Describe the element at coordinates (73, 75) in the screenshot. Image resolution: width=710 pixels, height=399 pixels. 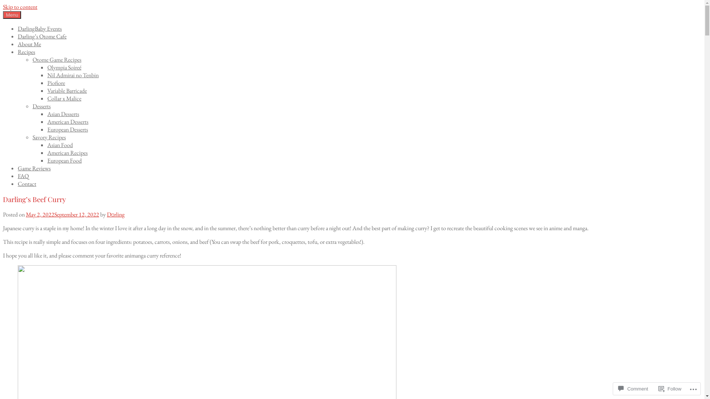
I see `'Nil Admirai no Tenbin'` at that location.